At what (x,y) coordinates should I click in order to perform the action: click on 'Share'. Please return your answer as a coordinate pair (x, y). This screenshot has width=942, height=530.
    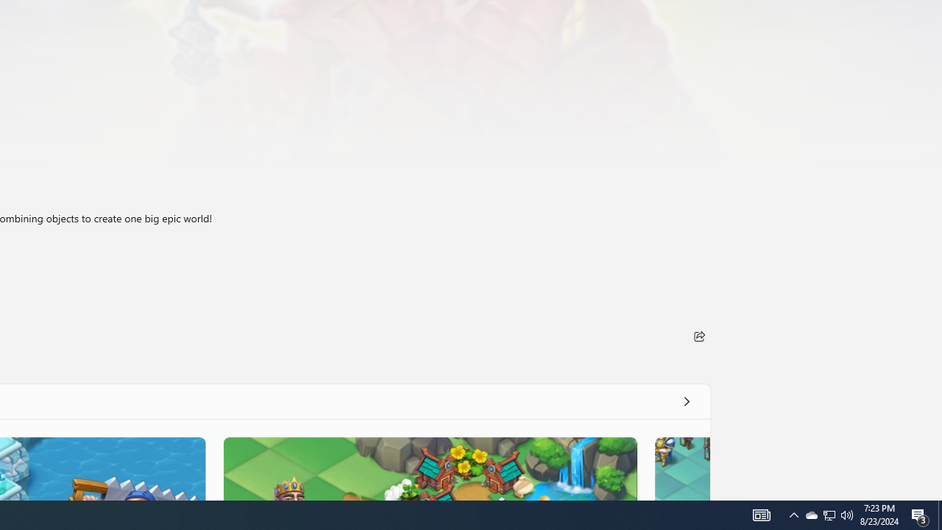
    Looking at the image, I should click on (698, 336).